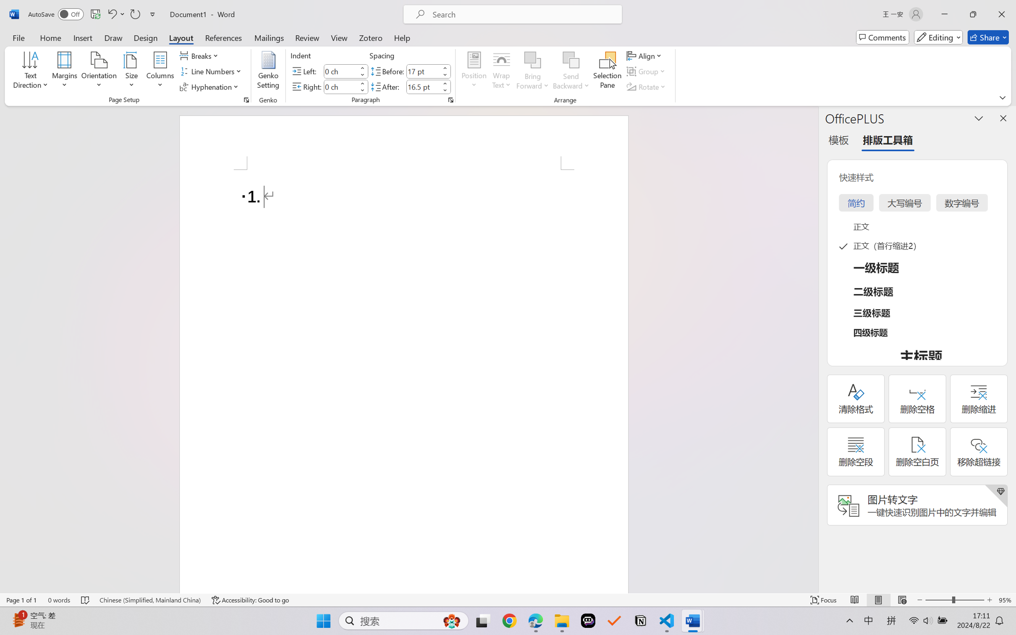 This screenshot has width=1016, height=635. I want to click on 'Margins', so click(64, 71).